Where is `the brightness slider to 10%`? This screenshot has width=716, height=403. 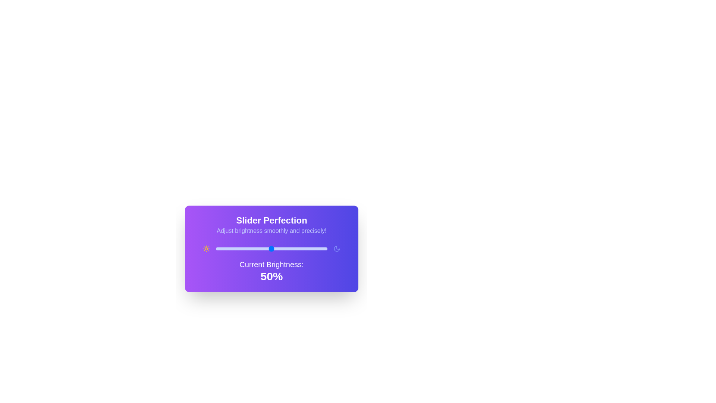 the brightness slider to 10% is located at coordinates (226, 249).